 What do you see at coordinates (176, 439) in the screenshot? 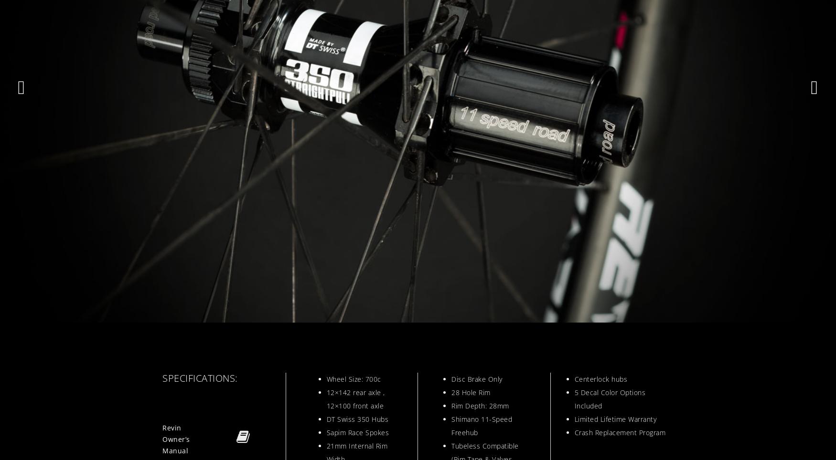
I see `'Revin Owner’s Manual'` at bounding box center [176, 439].